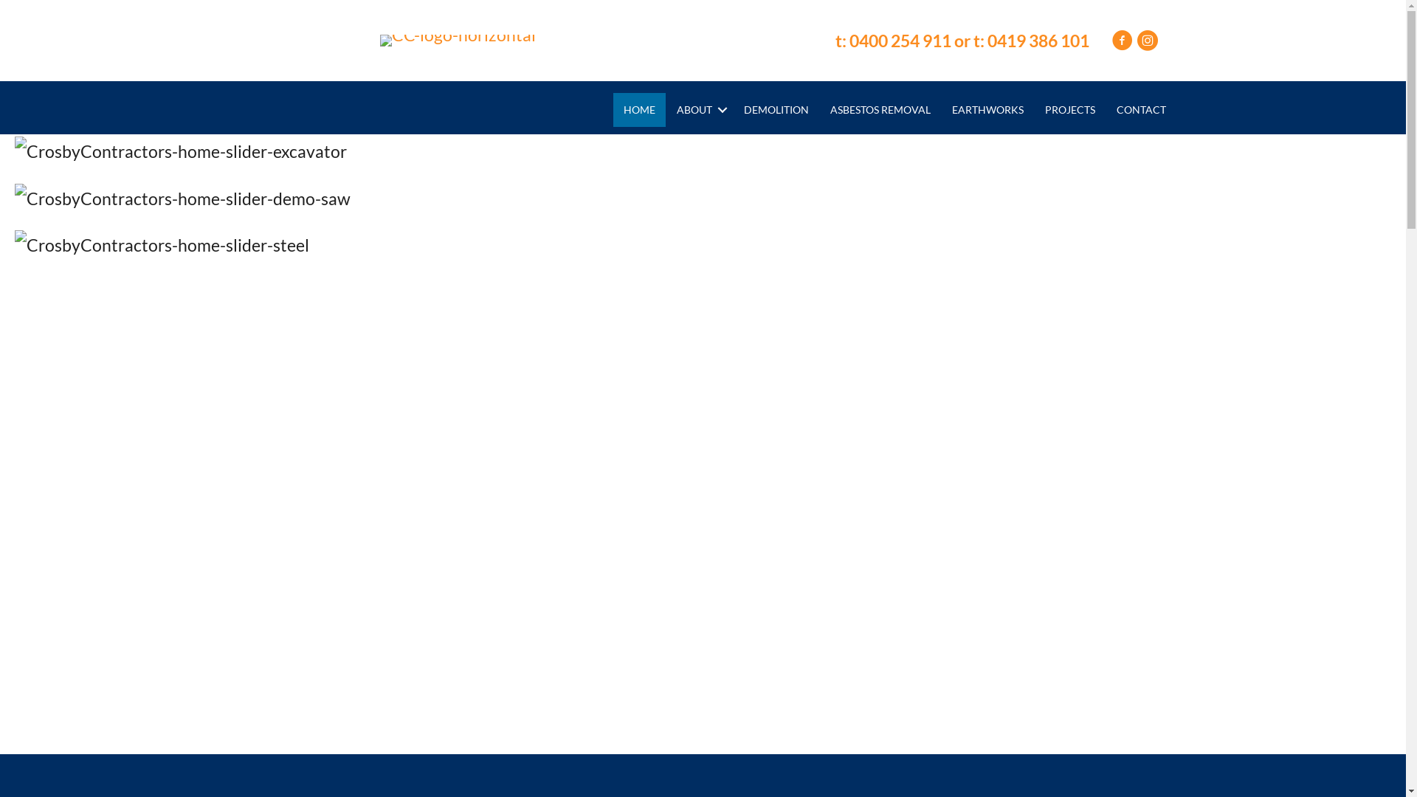 This screenshot has height=797, width=1417. Describe the element at coordinates (1069, 109) in the screenshot. I see `'PROJECTS'` at that location.